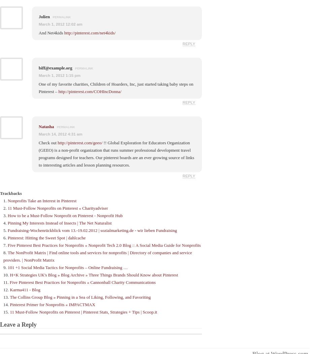 This screenshot has width=313, height=354. What do you see at coordinates (48, 142) in the screenshot?
I see `'Check out'` at bounding box center [48, 142].